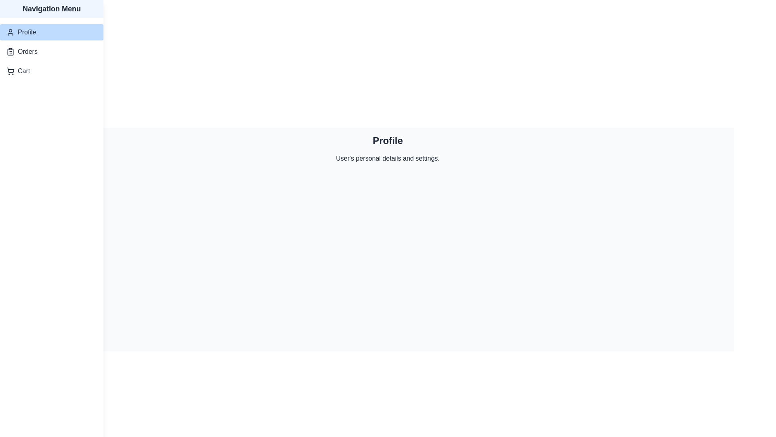 This screenshot has width=776, height=437. What do you see at coordinates (27, 51) in the screenshot?
I see `the 'Orders' text label in the navigation menu` at bounding box center [27, 51].